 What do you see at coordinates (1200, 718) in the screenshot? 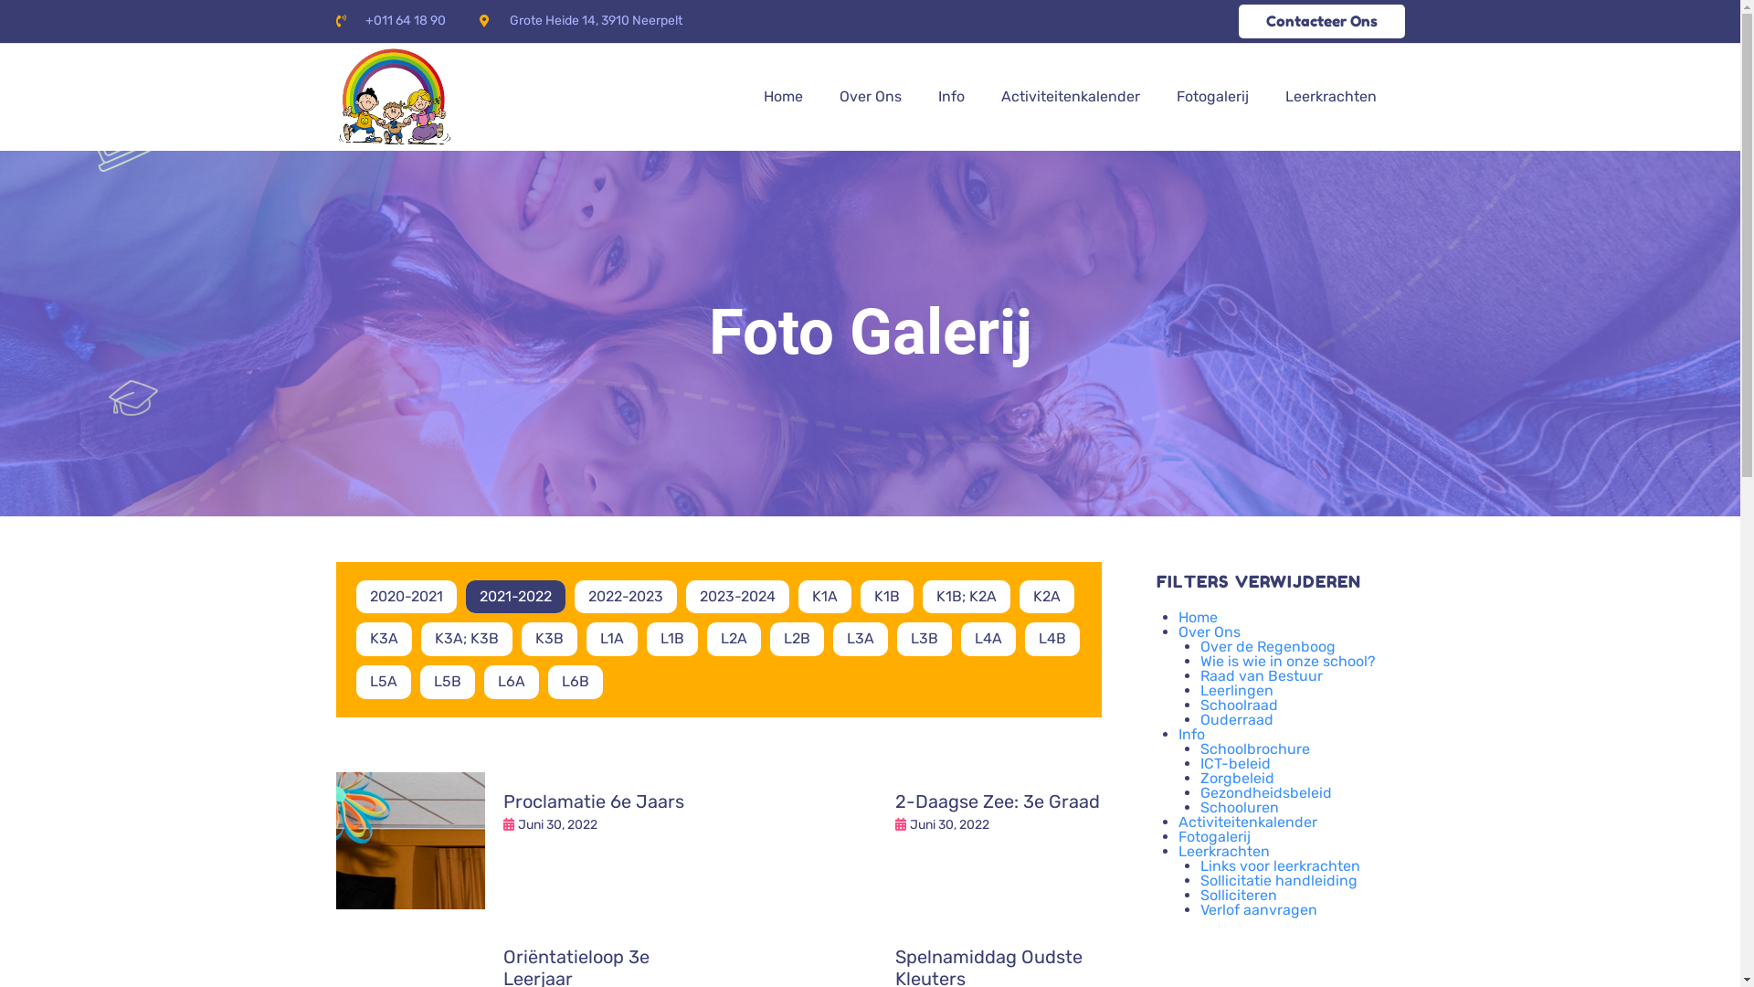
I see `'Ouderraad'` at bounding box center [1200, 718].